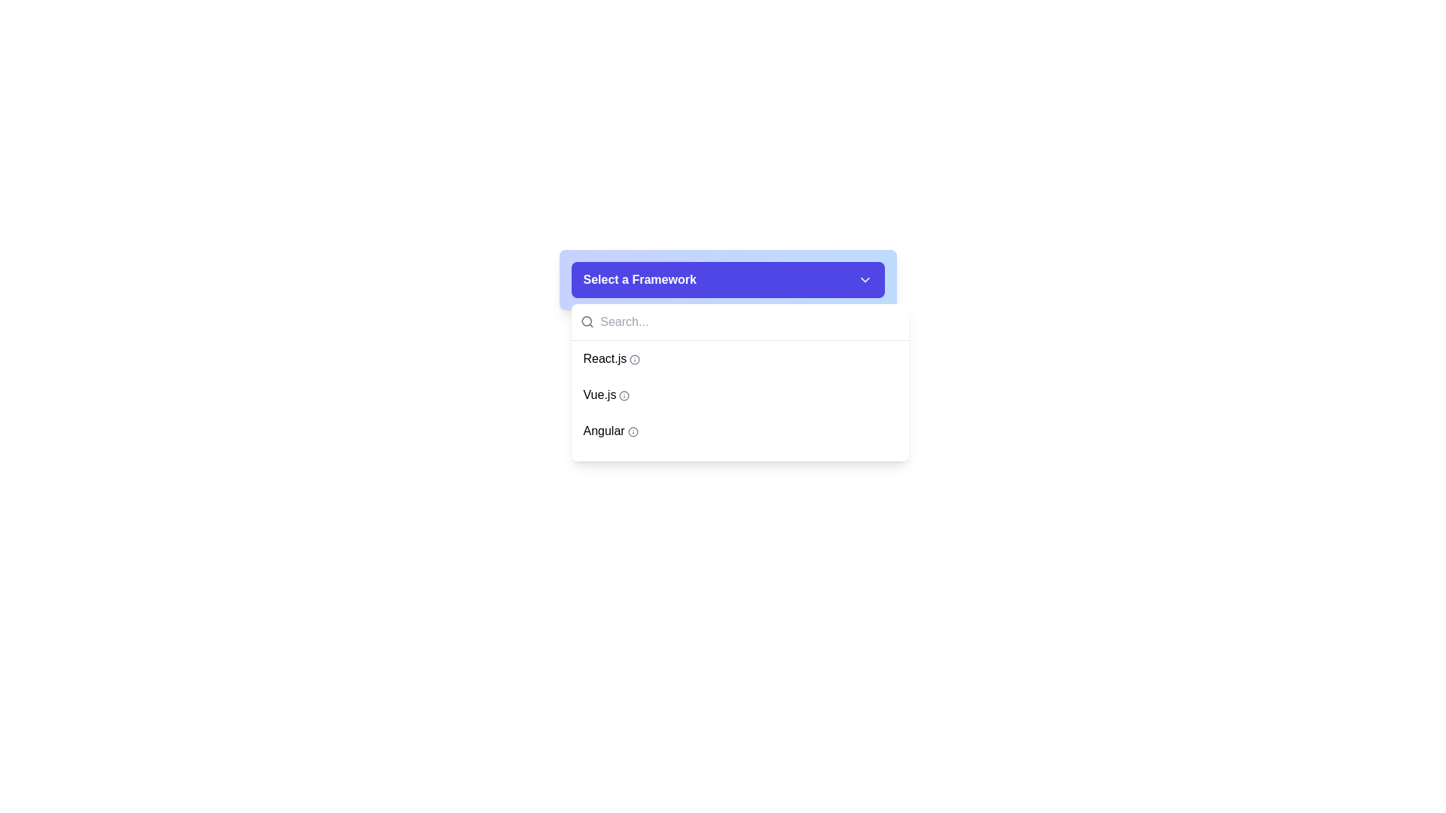 This screenshot has height=813, width=1446. What do you see at coordinates (624, 394) in the screenshot?
I see `the minimalistic information icon next to the 'Vue.js' label in the dropdown menu` at bounding box center [624, 394].